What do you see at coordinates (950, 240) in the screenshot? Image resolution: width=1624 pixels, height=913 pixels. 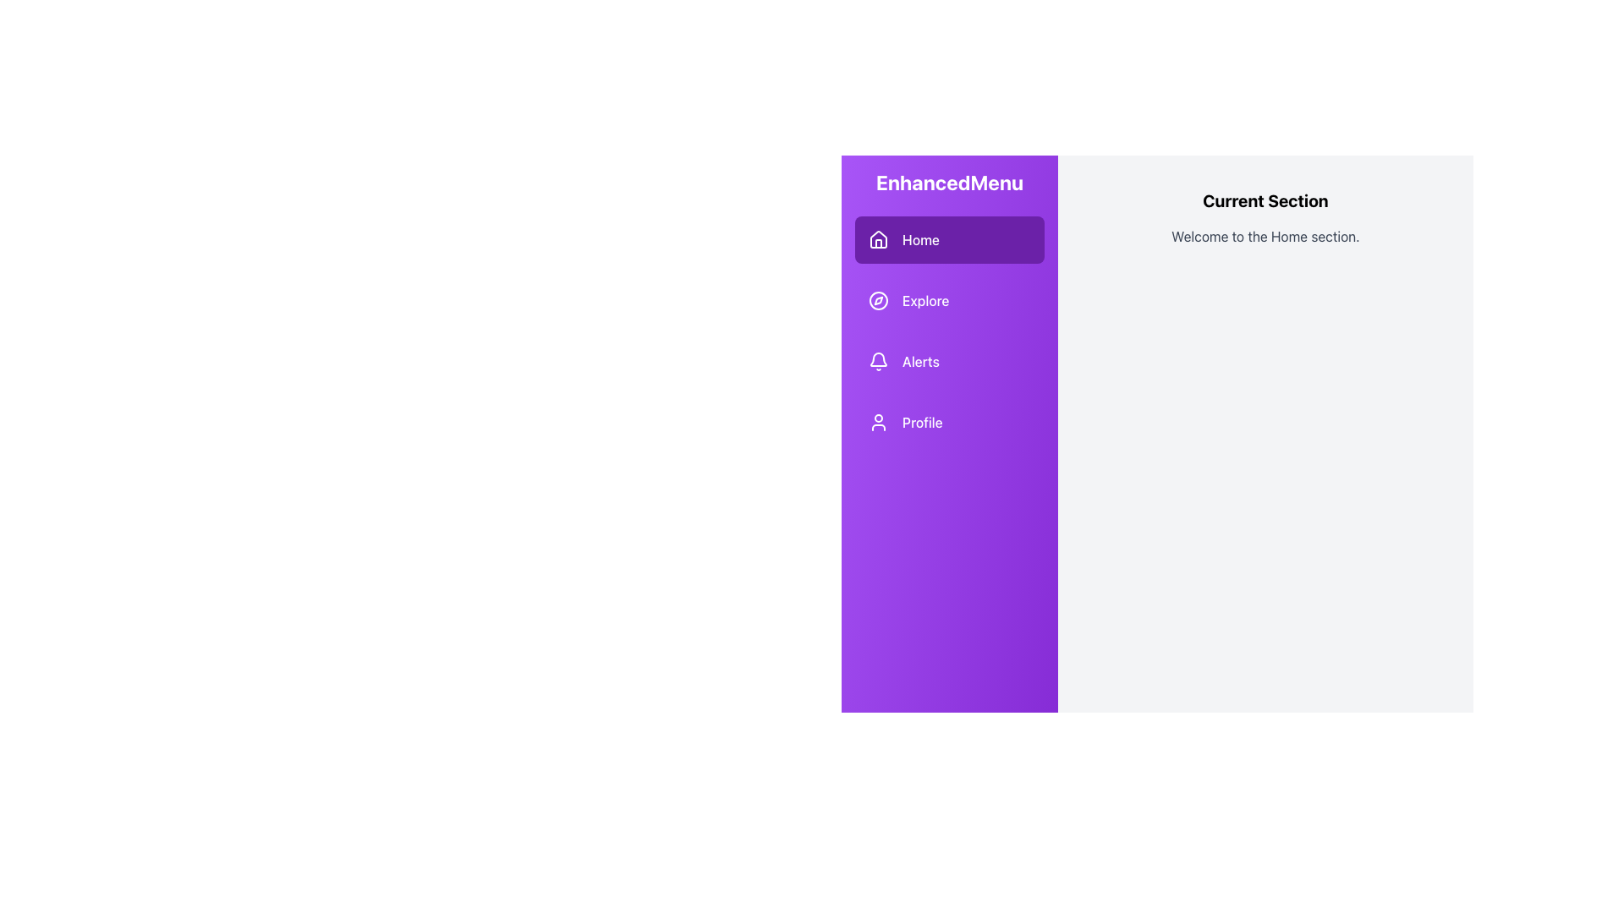 I see `the first navigational button in the leftmost purple sidebar to trigger a style change` at bounding box center [950, 240].